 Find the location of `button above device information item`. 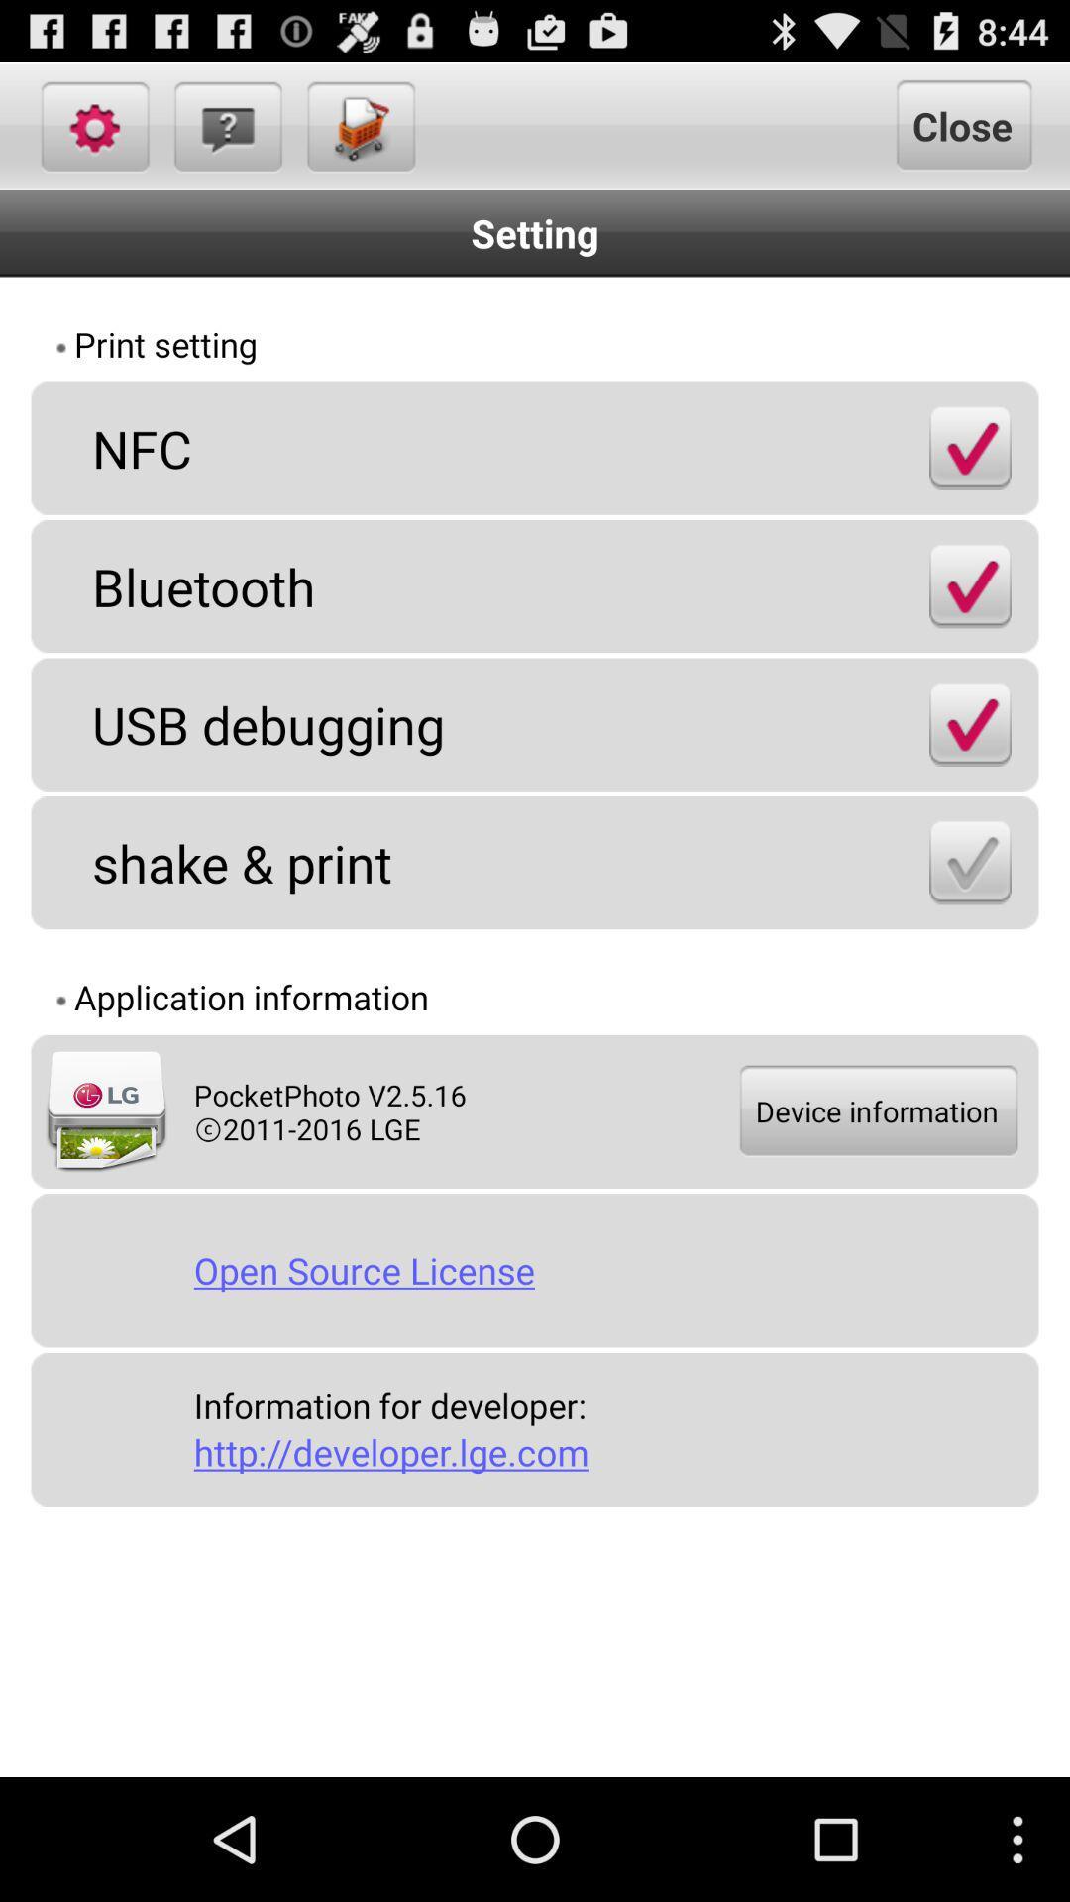

button above device information item is located at coordinates (969, 862).